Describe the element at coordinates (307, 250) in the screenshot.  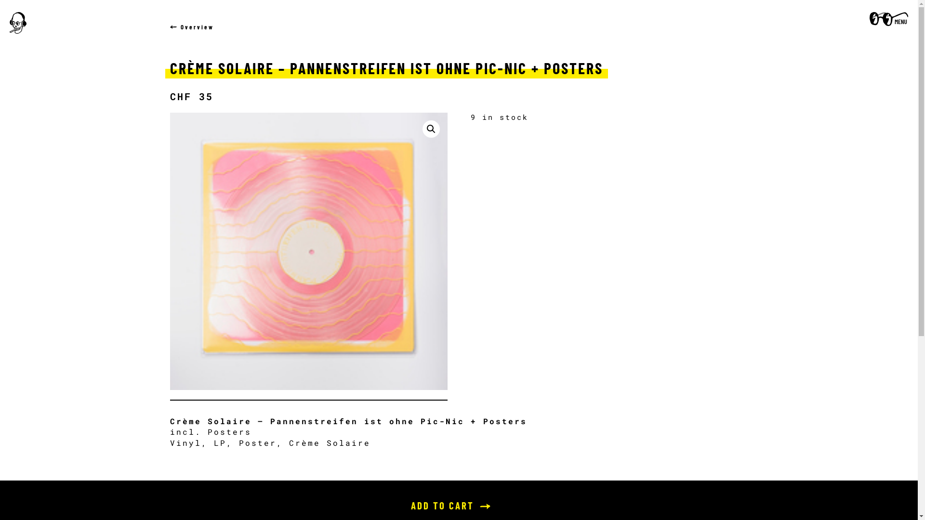
I see `'shop_creme1'` at that location.